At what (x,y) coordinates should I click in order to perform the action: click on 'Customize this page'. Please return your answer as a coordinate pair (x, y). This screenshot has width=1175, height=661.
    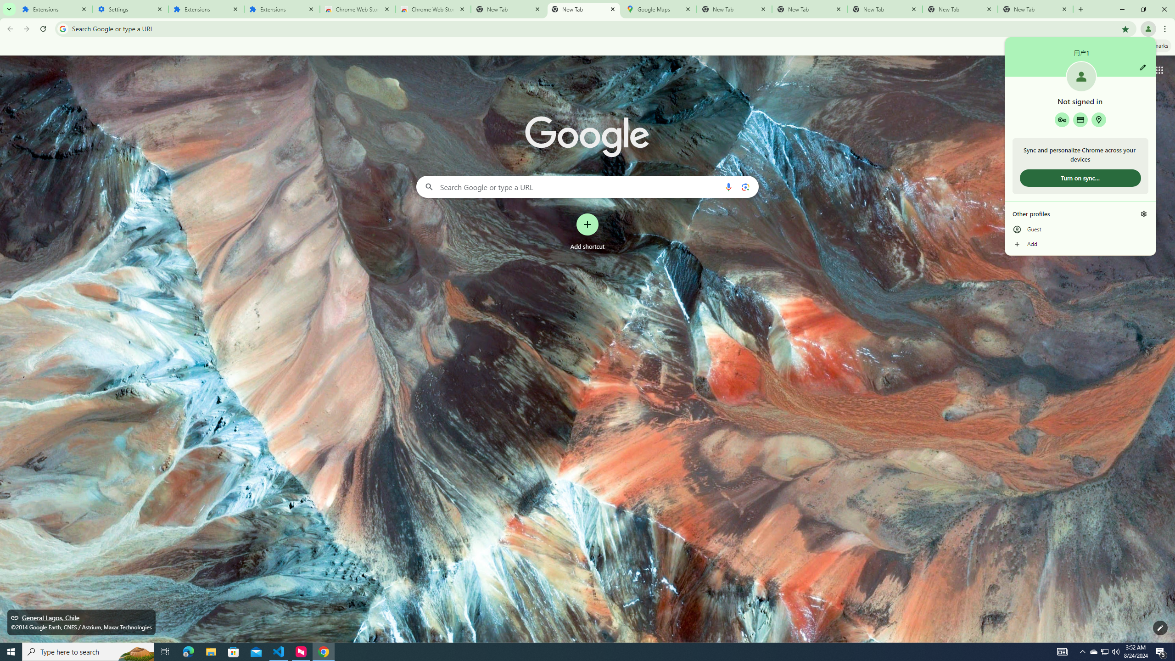
    Looking at the image, I should click on (1160, 627).